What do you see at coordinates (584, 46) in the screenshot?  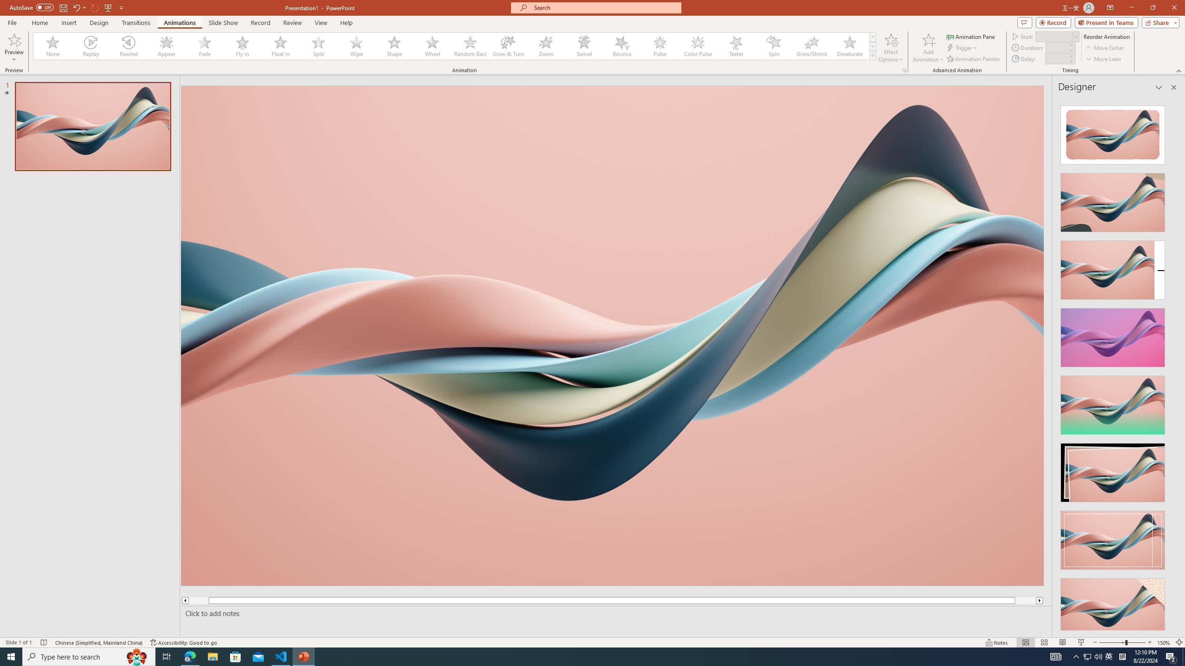 I see `'Swivel'` at bounding box center [584, 46].